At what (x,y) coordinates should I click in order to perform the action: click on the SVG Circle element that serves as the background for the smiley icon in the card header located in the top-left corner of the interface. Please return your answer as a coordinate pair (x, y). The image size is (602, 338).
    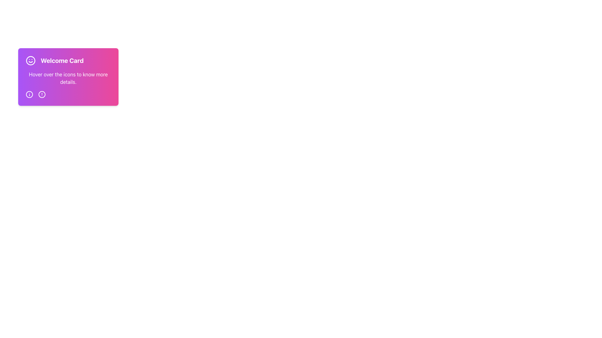
    Looking at the image, I should click on (30, 60).